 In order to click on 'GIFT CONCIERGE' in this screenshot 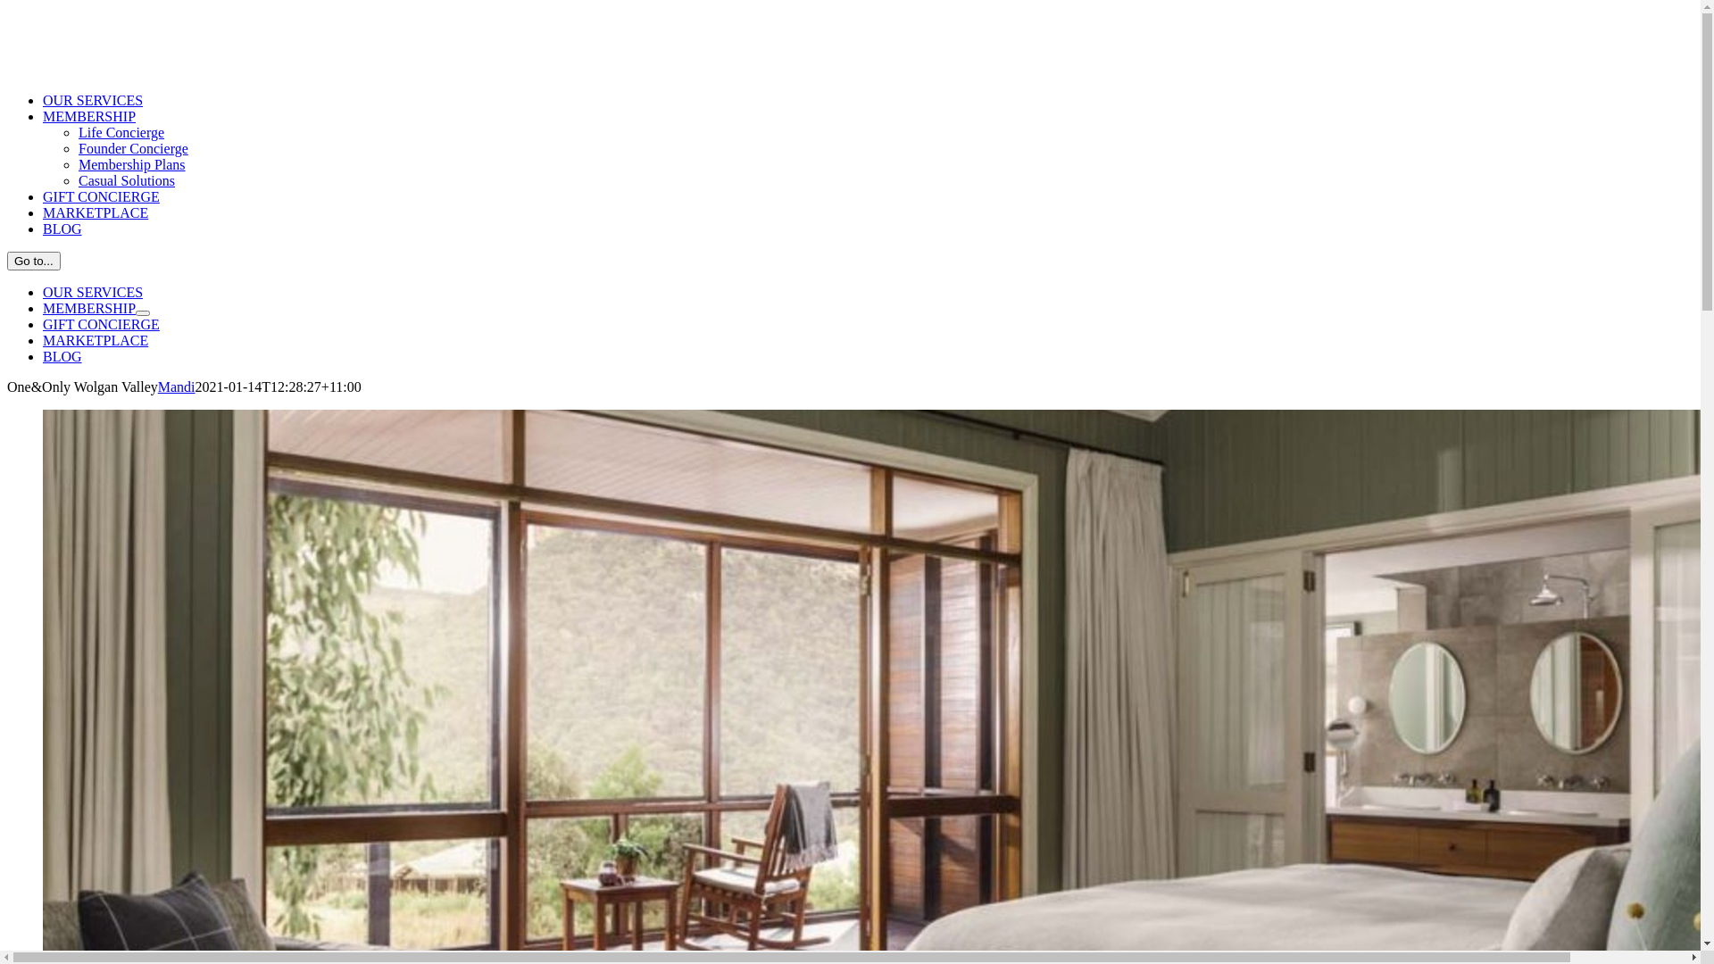, I will do `click(100, 196)`.